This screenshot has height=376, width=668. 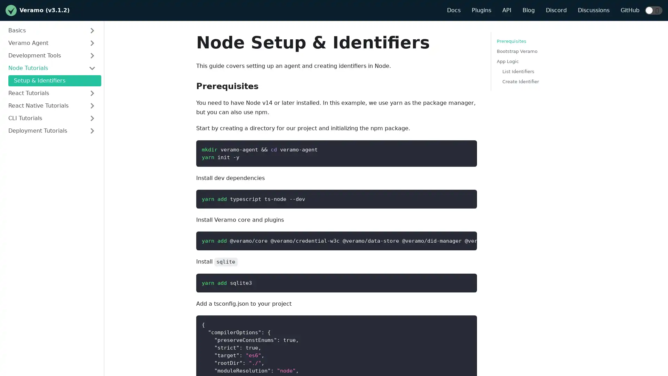 What do you see at coordinates (466, 323) in the screenshot?
I see `Copy code to clipboard` at bounding box center [466, 323].